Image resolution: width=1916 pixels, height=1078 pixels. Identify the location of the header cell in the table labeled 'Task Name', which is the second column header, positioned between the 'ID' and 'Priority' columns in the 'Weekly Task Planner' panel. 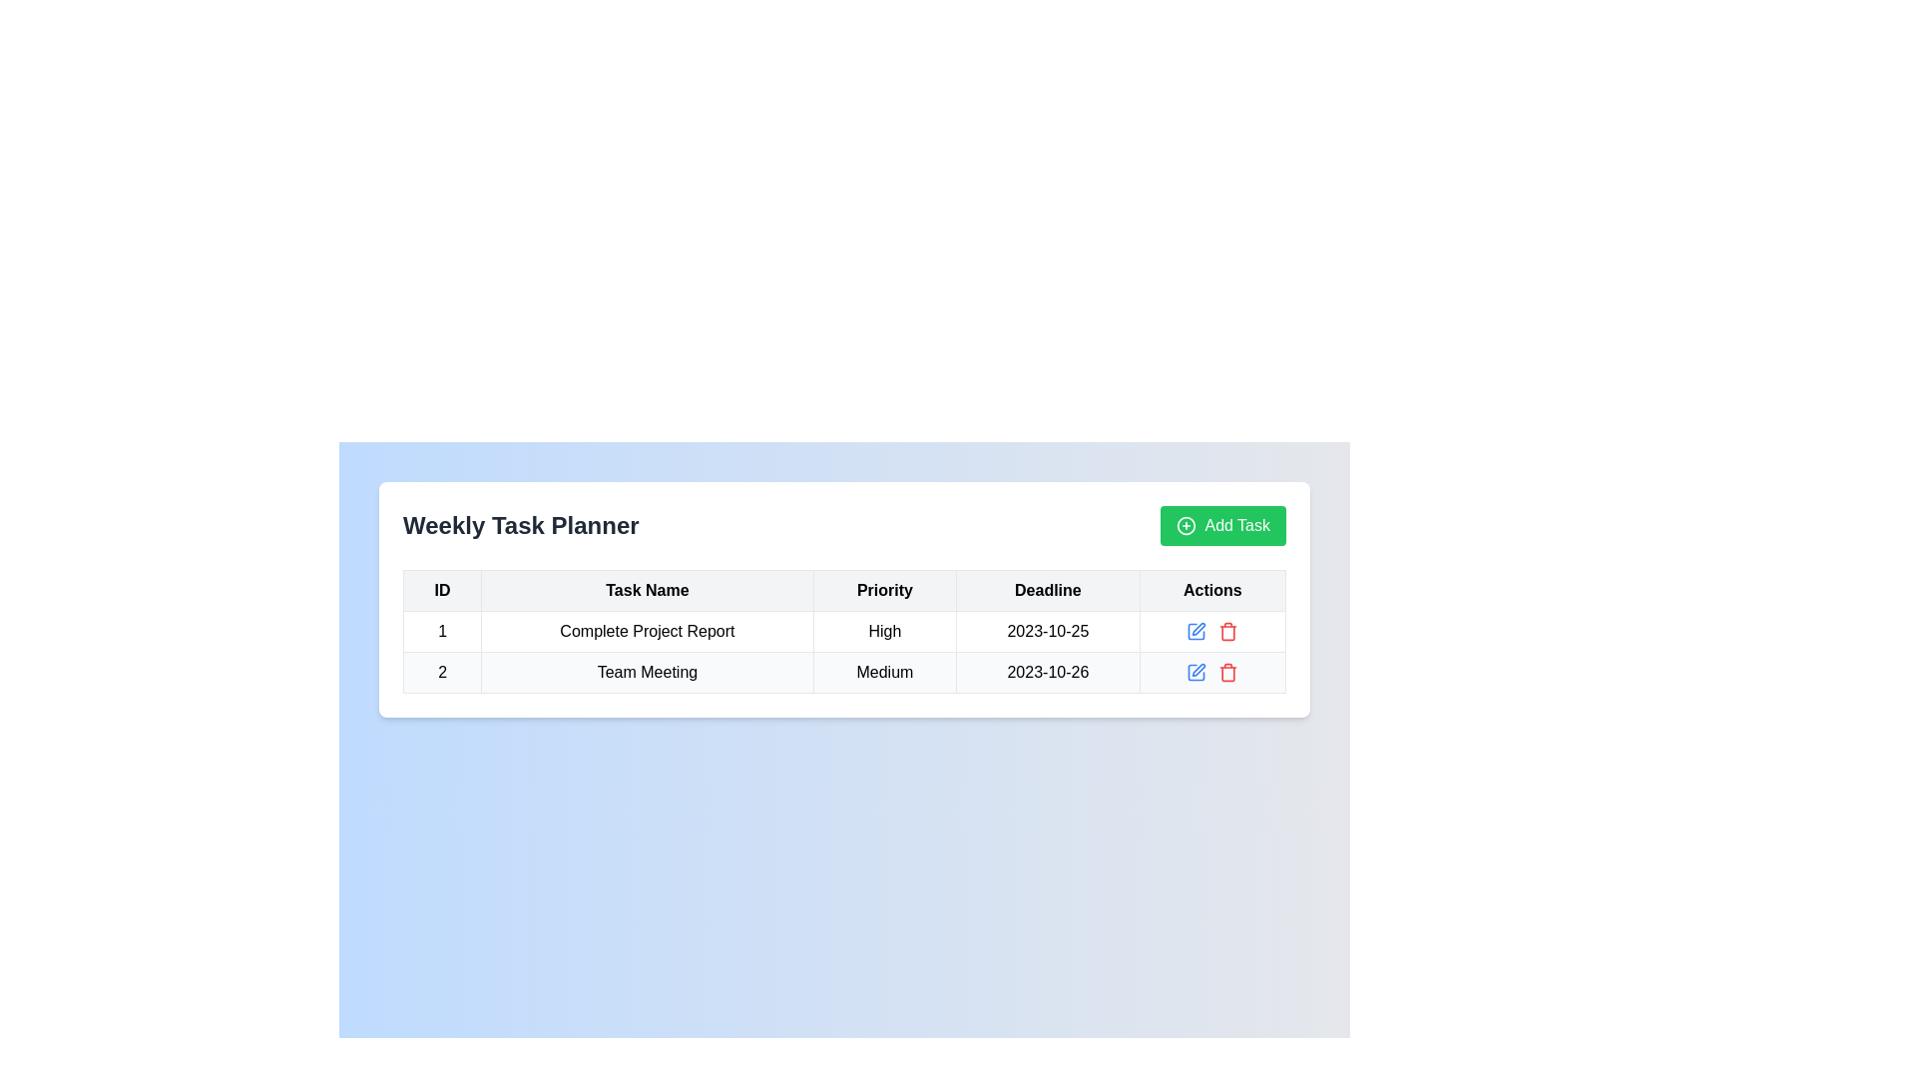
(647, 589).